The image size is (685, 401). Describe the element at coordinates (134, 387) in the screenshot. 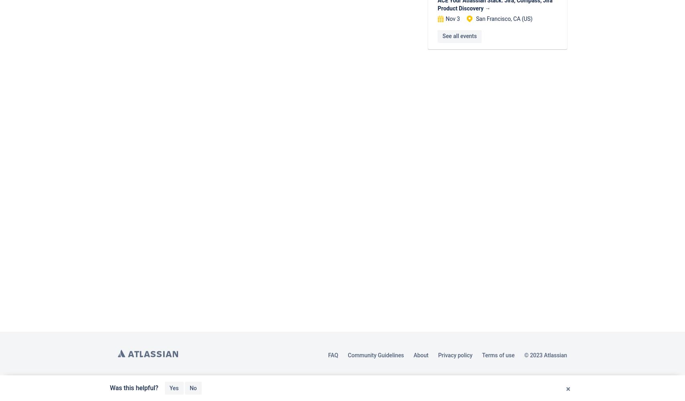

I see `'Was this helpful?'` at that location.